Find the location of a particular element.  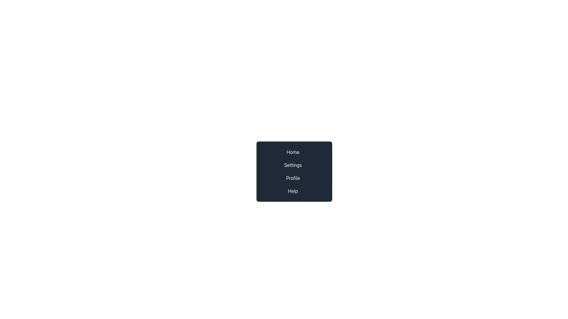

the 'Help' text label at the bottom of the navigation list is located at coordinates (294, 191).